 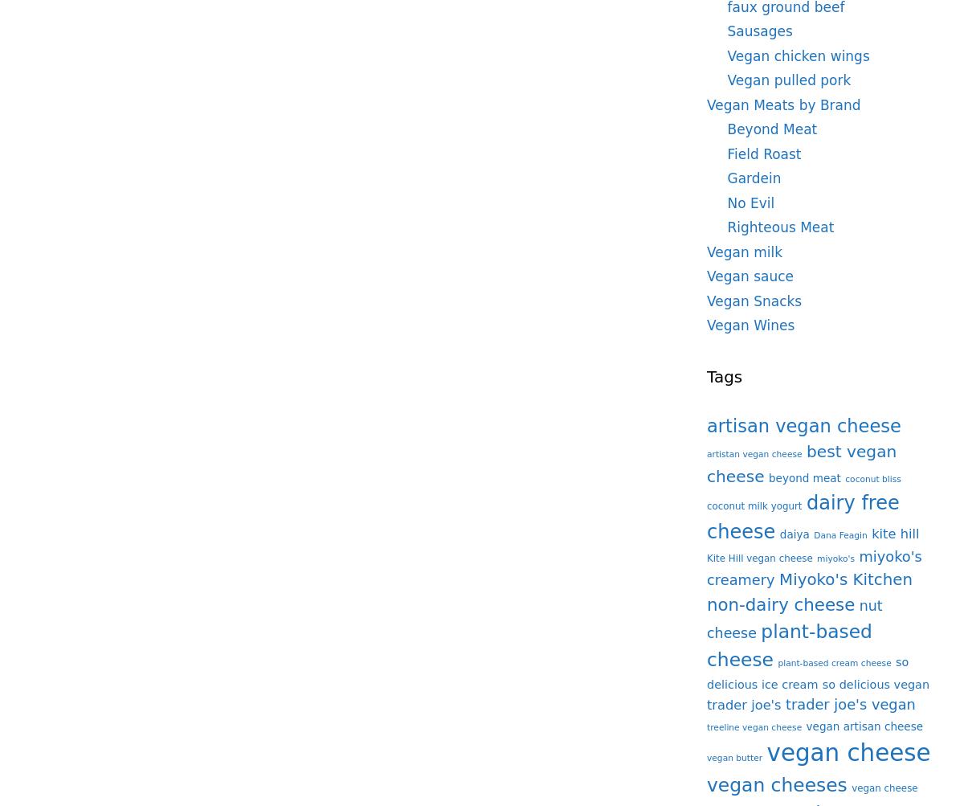 What do you see at coordinates (750, 202) in the screenshot?
I see `'No Evil'` at bounding box center [750, 202].